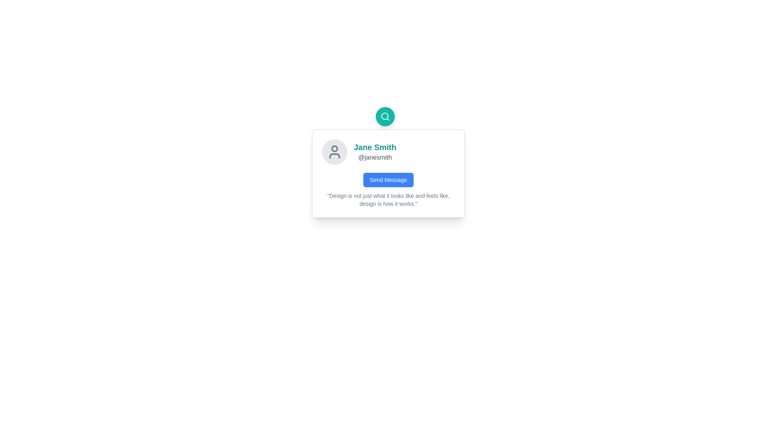 This screenshot has height=430, width=765. What do you see at coordinates (388, 180) in the screenshot?
I see `the 'Send Message' button located centrally within the card for user 'Jane Smith', positioned below the user's name and above the quote text` at bounding box center [388, 180].